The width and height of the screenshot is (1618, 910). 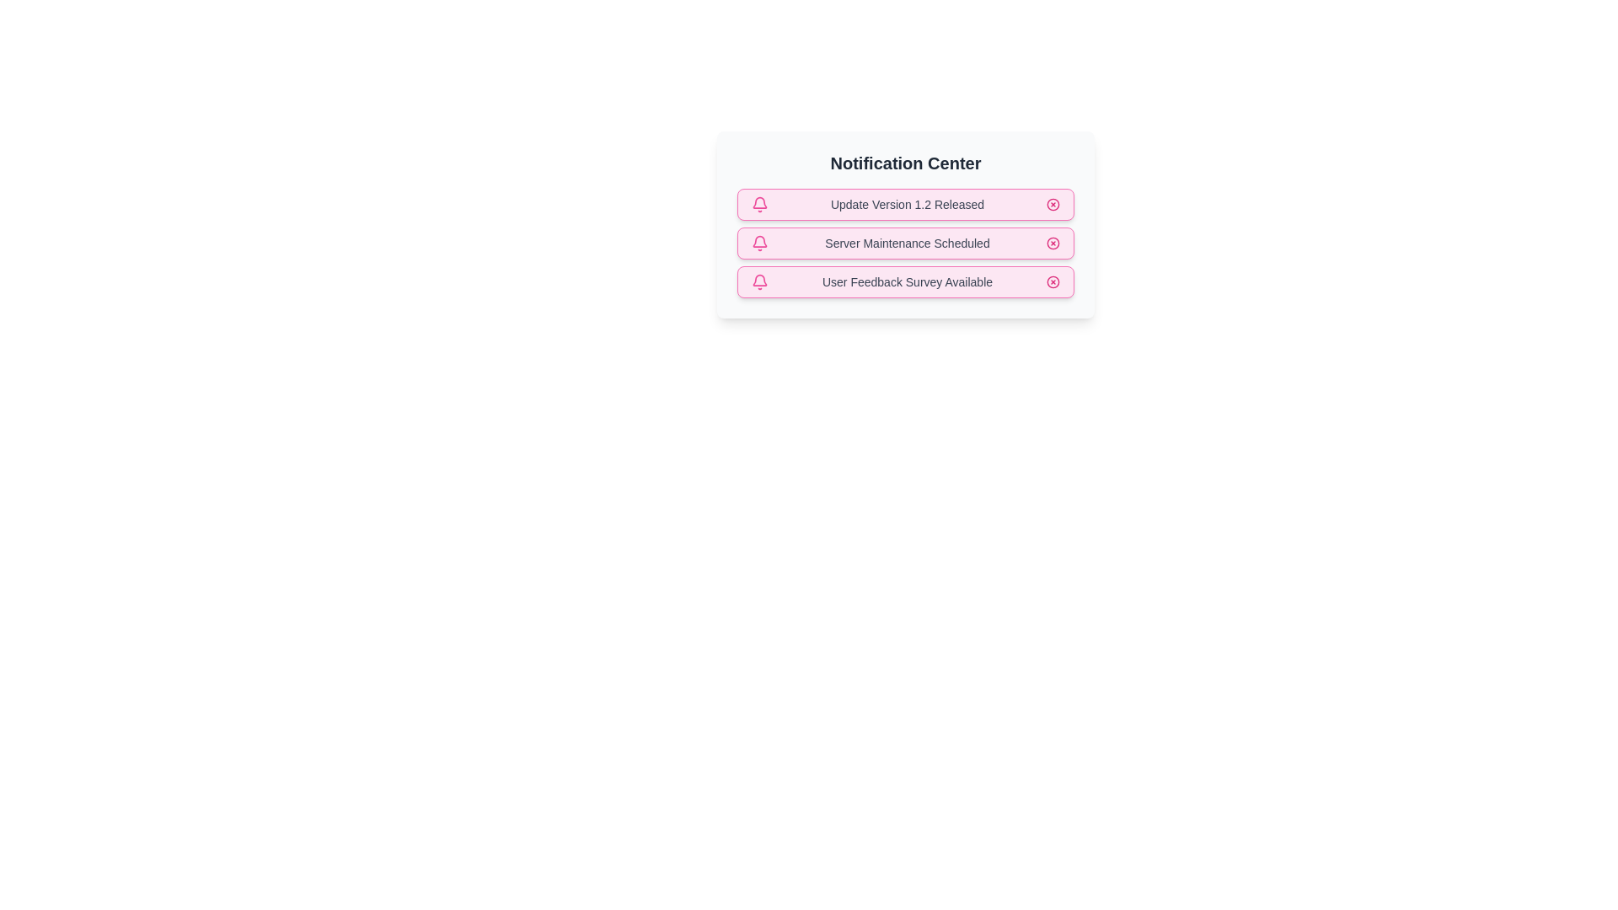 What do you see at coordinates (906, 244) in the screenshot?
I see `the notification text Server Maintenance Scheduled to select it for copying` at bounding box center [906, 244].